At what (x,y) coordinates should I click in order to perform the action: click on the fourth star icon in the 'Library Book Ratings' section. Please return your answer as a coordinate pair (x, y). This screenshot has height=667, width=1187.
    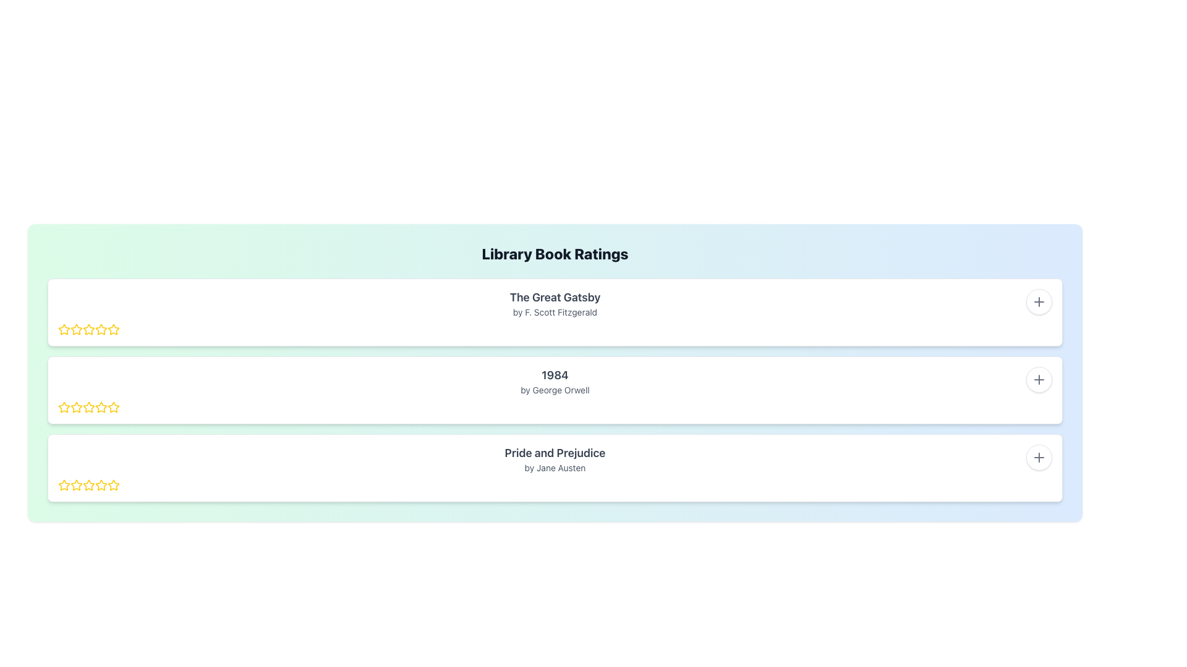
    Looking at the image, I should click on (101, 329).